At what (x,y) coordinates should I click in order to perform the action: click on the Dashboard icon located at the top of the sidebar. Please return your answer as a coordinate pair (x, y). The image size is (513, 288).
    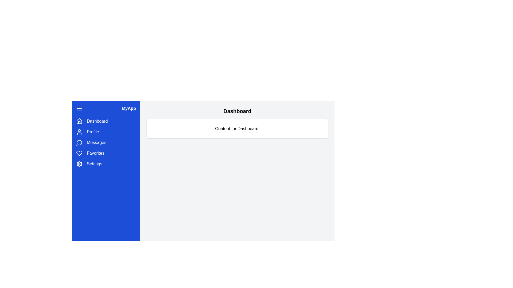
    Looking at the image, I should click on (79, 121).